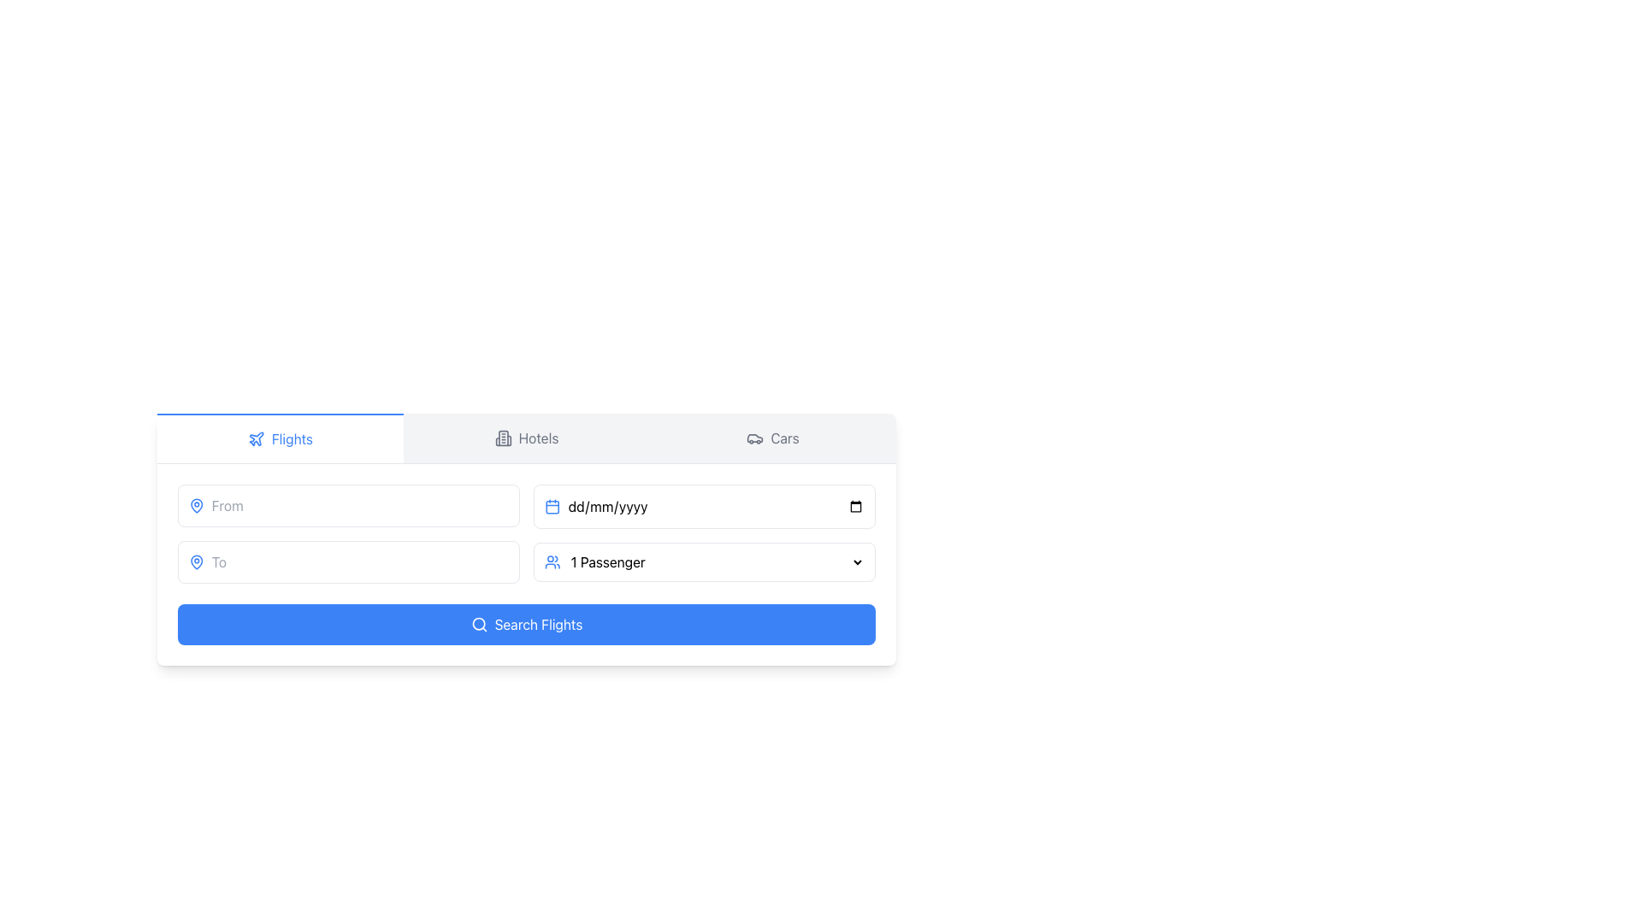 The image size is (1642, 923). I want to click on the airplane icon with a blue stroke located in the top left section of the 'Flights' tab, so click(255, 438).